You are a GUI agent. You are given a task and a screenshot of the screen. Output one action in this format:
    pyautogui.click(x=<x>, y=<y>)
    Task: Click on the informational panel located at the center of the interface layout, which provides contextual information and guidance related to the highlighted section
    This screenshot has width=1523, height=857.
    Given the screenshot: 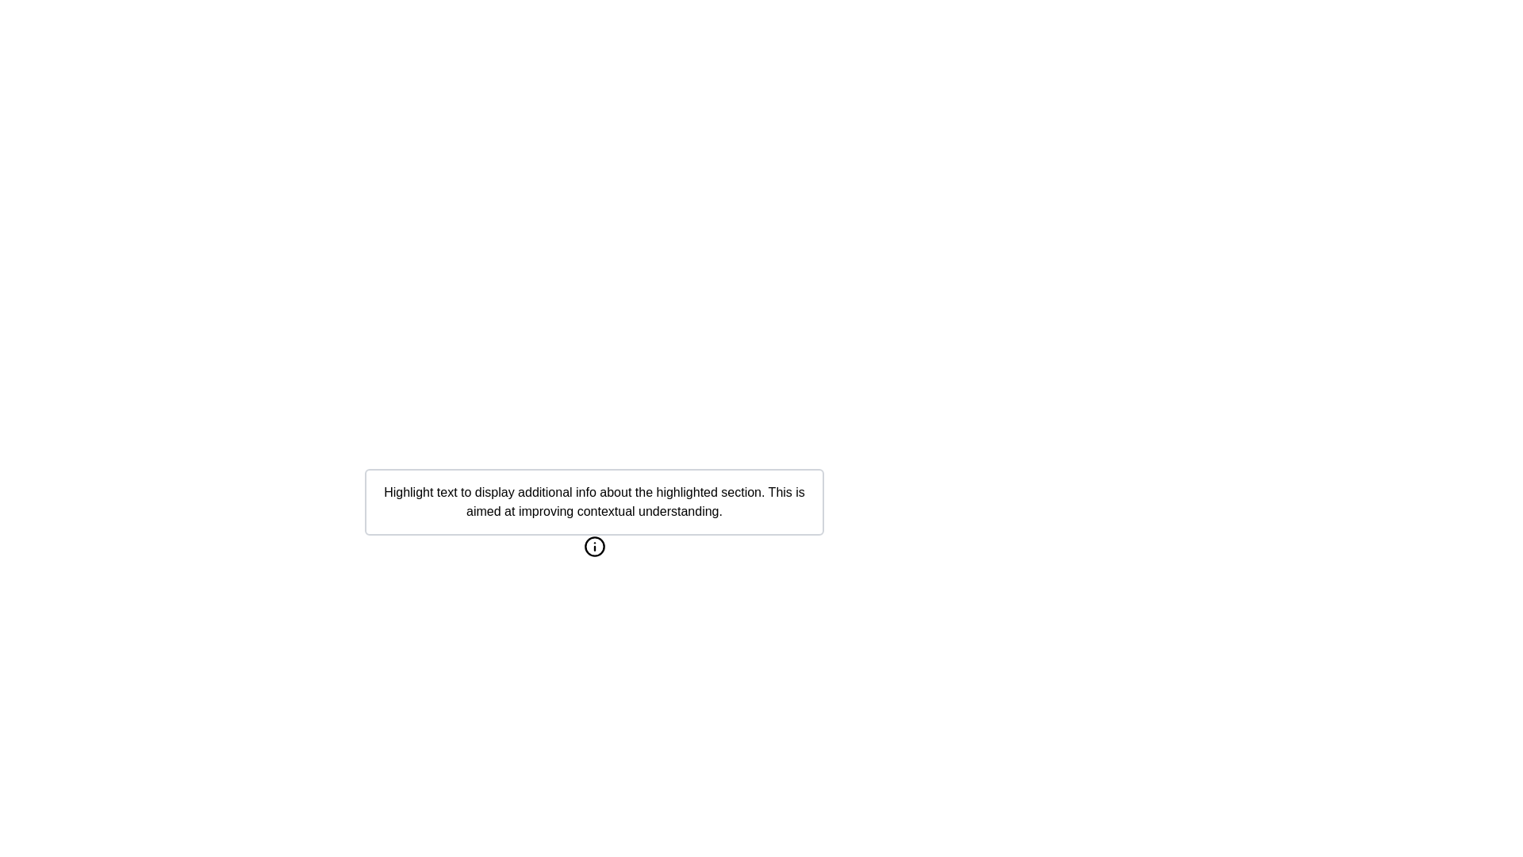 What is the action you would take?
    pyautogui.click(x=593, y=596)
    